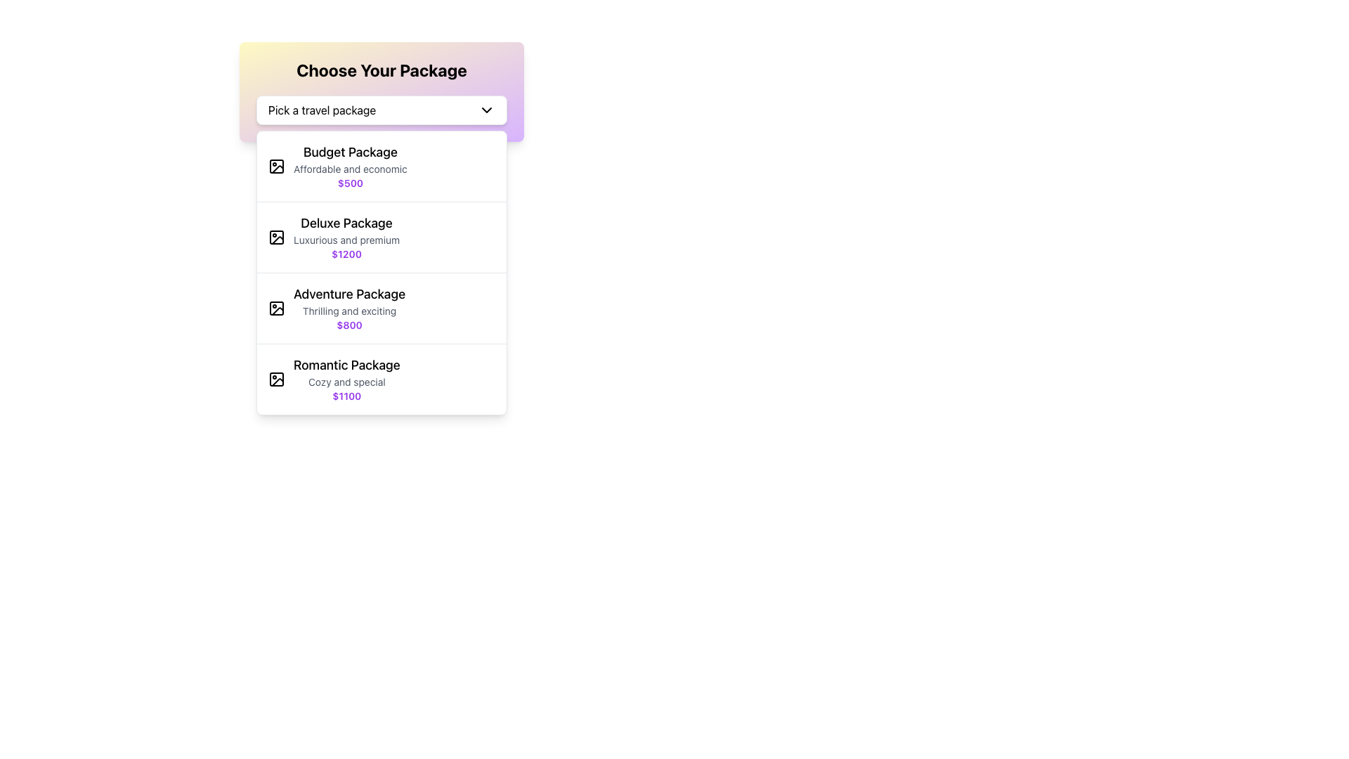  I want to click on the dropdown menu labeled 'Pick a travel package' with a downward arrow icon, so click(382, 92).